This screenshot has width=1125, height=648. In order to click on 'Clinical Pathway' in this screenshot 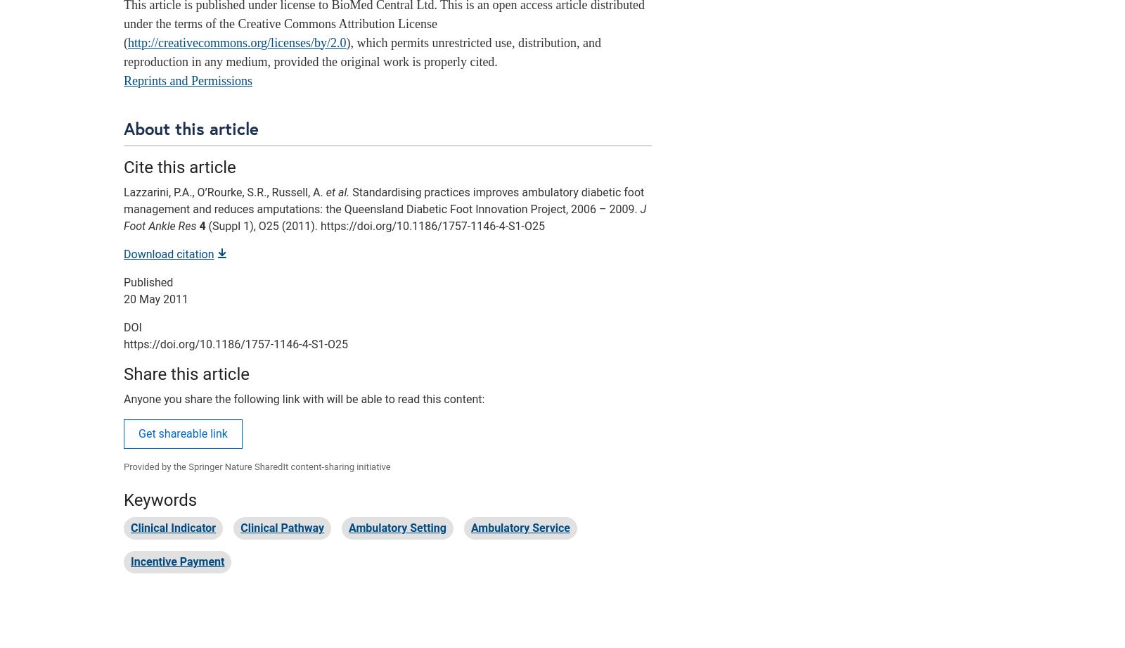, I will do `click(281, 528)`.